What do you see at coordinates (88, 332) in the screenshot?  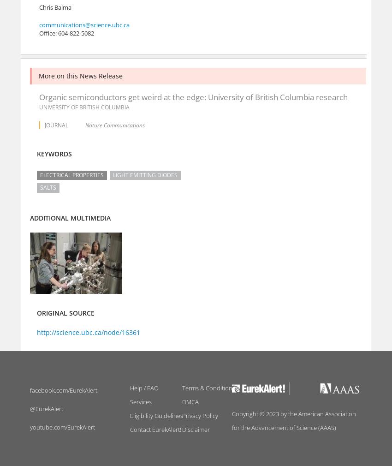 I see `'http://science.ubc.ca/node/16361'` at bounding box center [88, 332].